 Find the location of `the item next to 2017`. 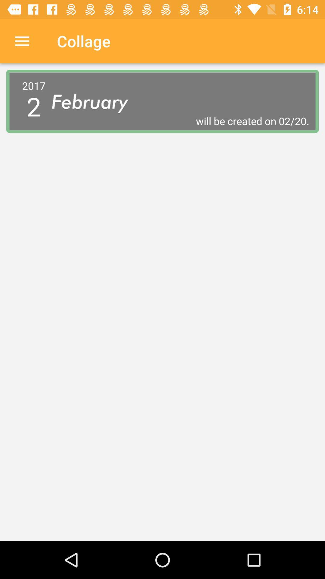

the item next to 2017 is located at coordinates (180, 121).